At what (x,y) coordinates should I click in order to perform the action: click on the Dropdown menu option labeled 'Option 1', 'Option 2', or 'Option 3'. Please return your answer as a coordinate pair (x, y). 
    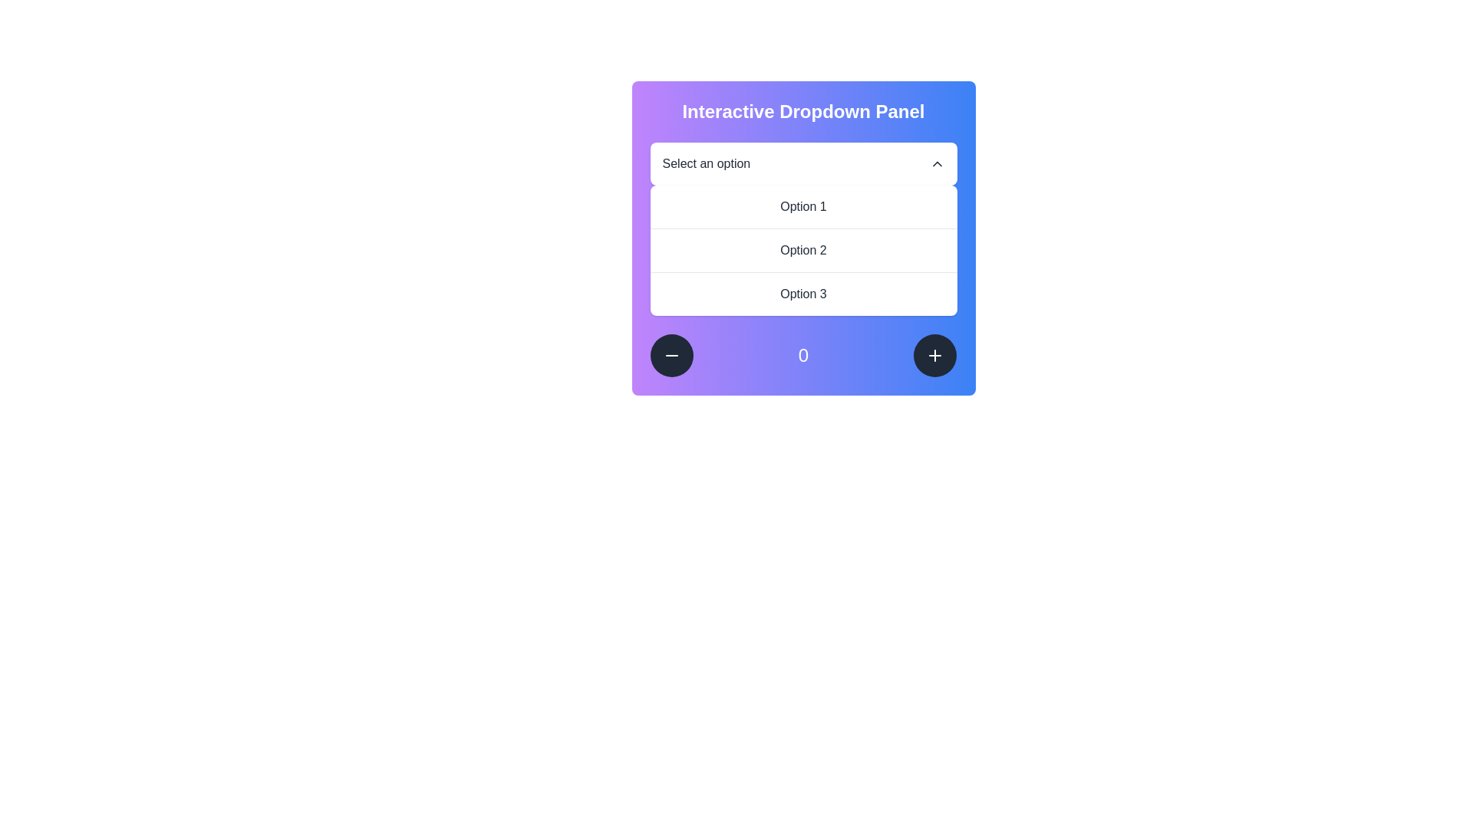
    Looking at the image, I should click on (802, 229).